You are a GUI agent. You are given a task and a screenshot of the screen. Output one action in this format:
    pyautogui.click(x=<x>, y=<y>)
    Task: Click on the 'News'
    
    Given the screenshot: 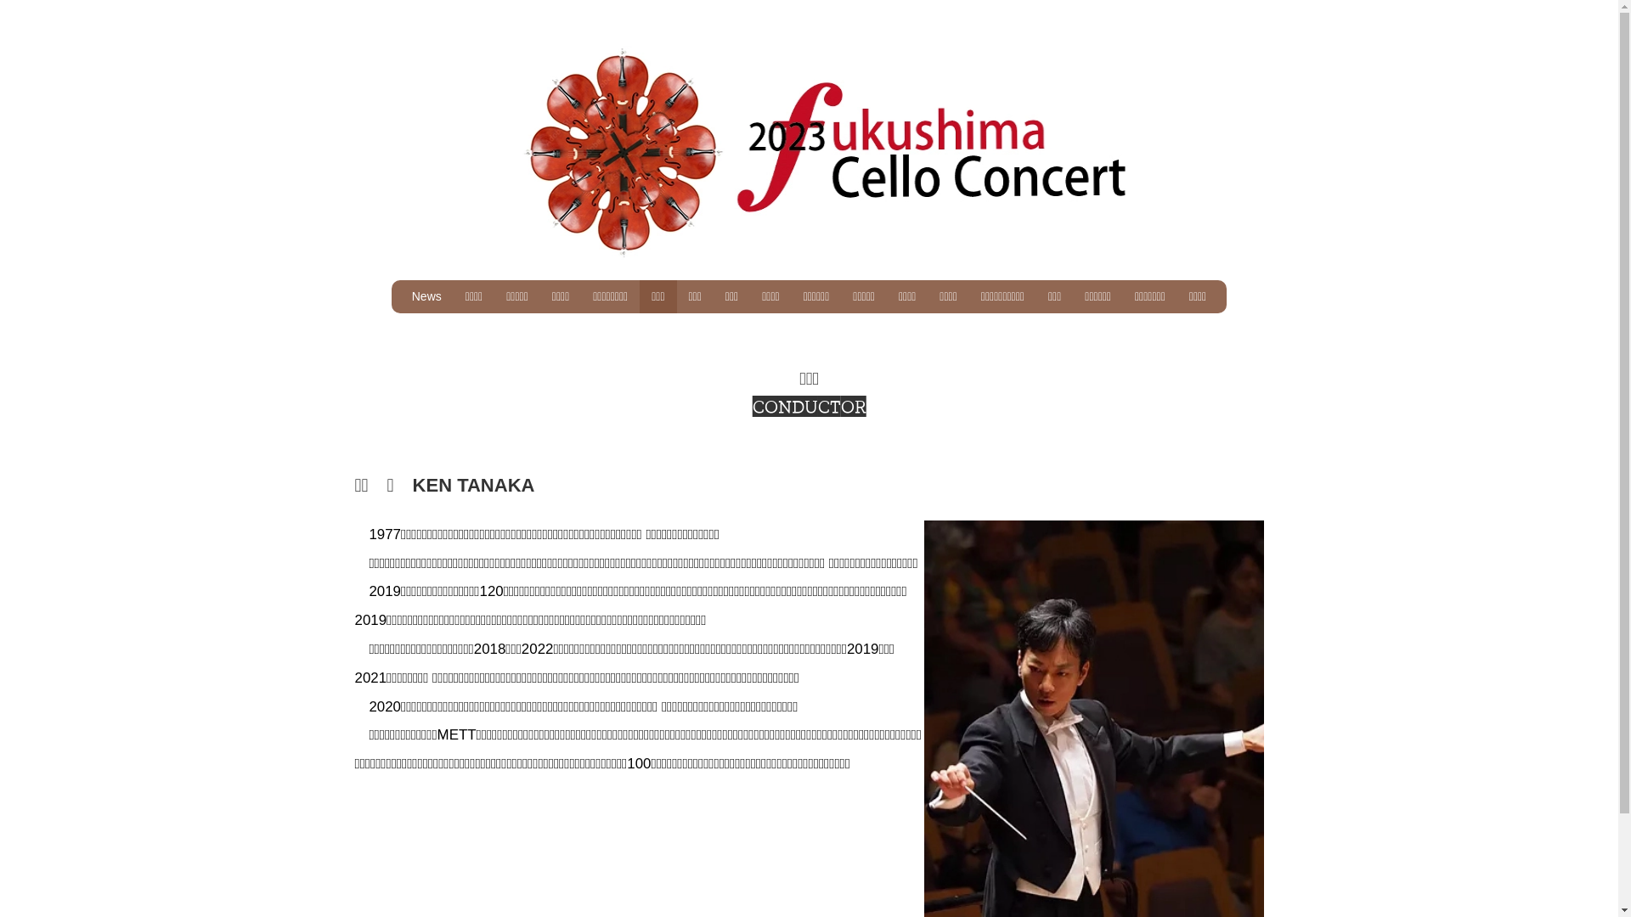 What is the action you would take?
    pyautogui.click(x=398, y=295)
    